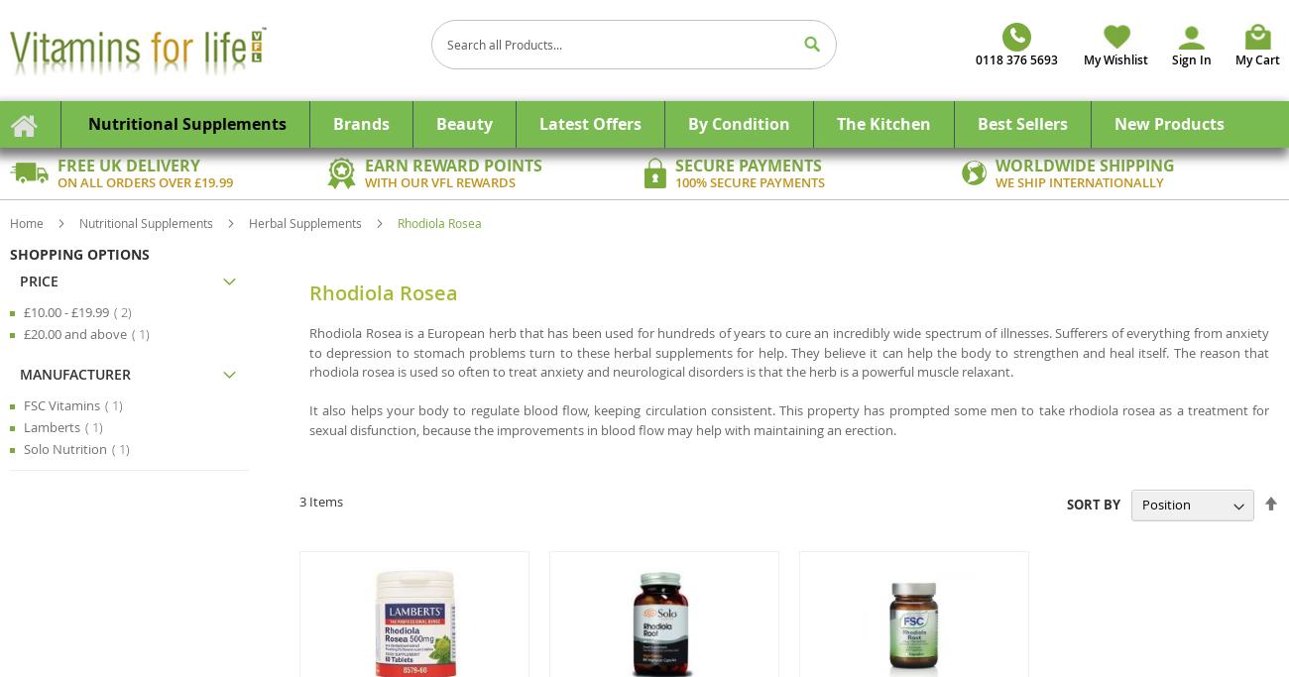 Image resolution: width=1289 pixels, height=677 pixels. What do you see at coordinates (750, 180) in the screenshot?
I see `'100% secure payments'` at bounding box center [750, 180].